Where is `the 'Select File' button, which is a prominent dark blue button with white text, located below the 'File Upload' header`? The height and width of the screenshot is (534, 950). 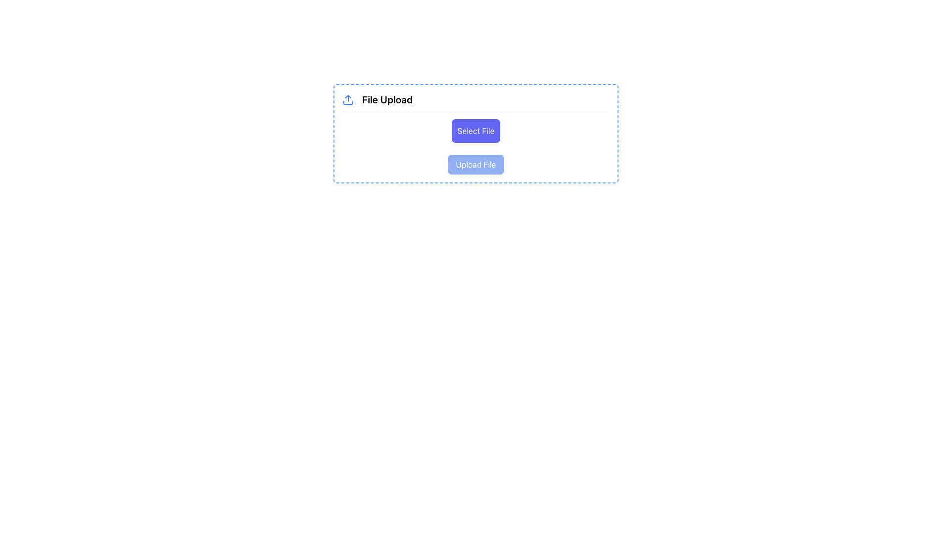 the 'Select File' button, which is a prominent dark blue button with white text, located below the 'File Upload' header is located at coordinates (475, 133).